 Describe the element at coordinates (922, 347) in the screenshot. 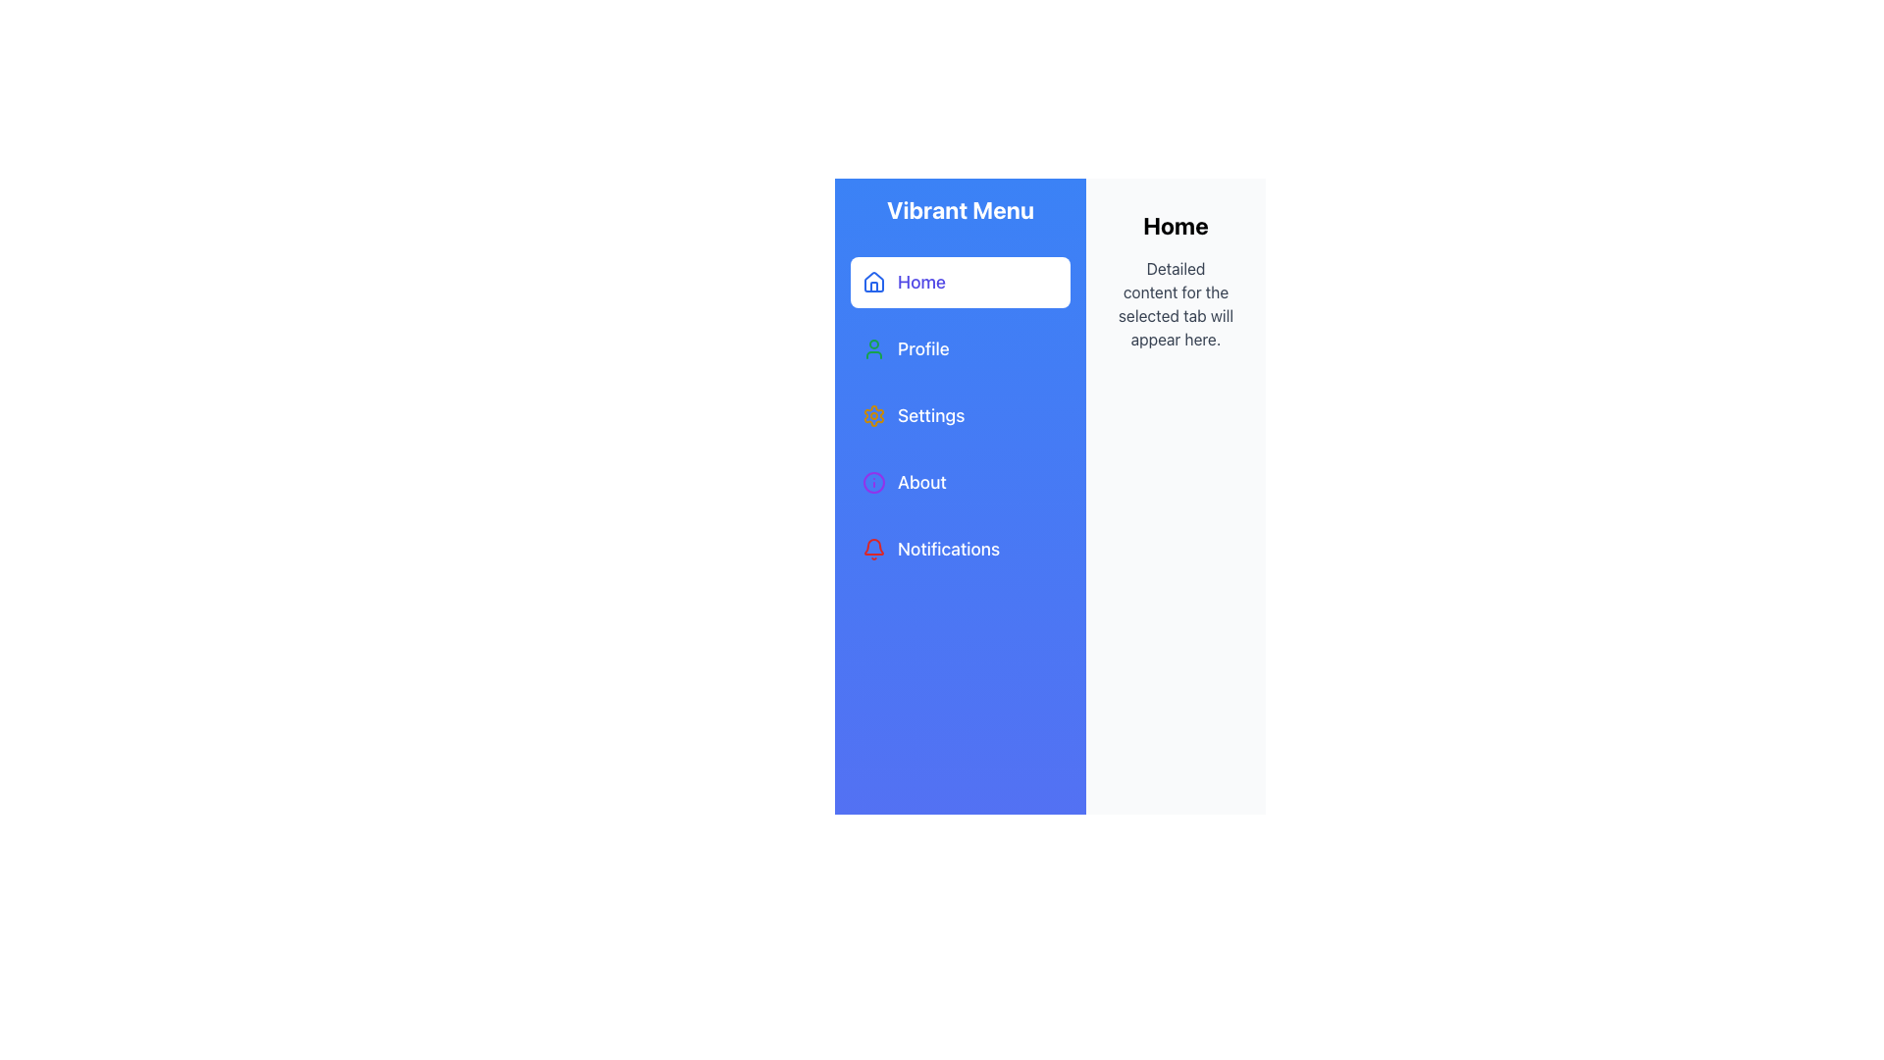

I see `the navigation link labeled as 'Profile' in the vertical menu, which is positioned second below 'Home' and above 'Settings'` at that location.